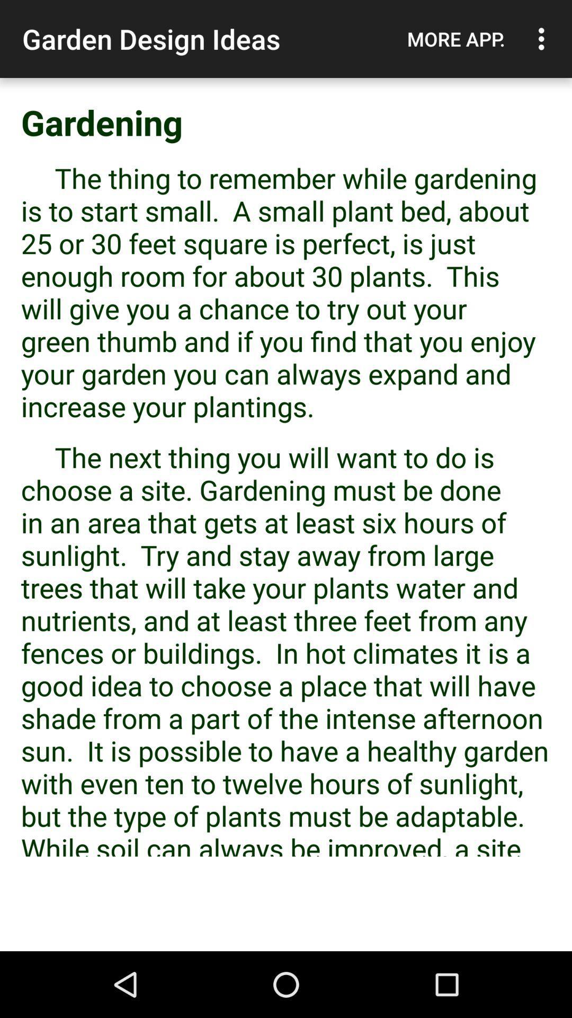 The width and height of the screenshot is (572, 1018). What do you see at coordinates (455, 39) in the screenshot?
I see `more app.` at bounding box center [455, 39].